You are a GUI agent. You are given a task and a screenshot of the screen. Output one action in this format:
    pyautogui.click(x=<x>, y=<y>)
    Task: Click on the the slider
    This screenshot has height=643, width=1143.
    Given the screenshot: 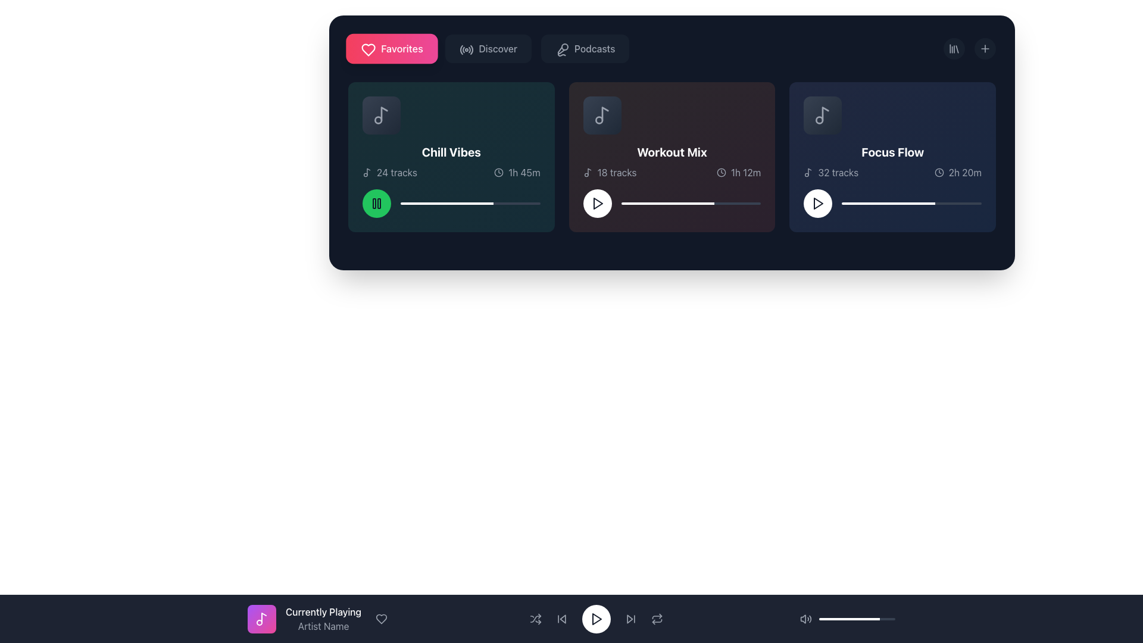 What is the action you would take?
    pyautogui.click(x=429, y=203)
    